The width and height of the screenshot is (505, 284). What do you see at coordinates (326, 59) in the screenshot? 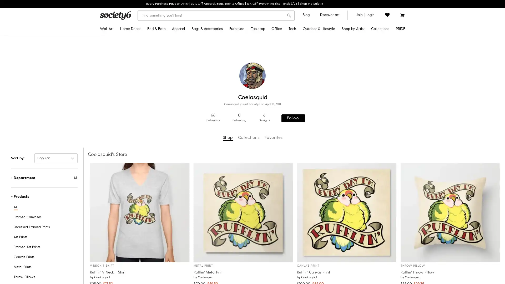
I see `Yoga Towels` at bounding box center [326, 59].